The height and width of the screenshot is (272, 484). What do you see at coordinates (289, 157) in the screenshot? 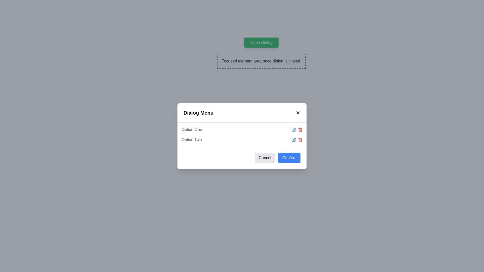
I see `the 'Confirm' button located at the bottom-right corner of the dialog box, which has a blue background and white text` at bounding box center [289, 157].